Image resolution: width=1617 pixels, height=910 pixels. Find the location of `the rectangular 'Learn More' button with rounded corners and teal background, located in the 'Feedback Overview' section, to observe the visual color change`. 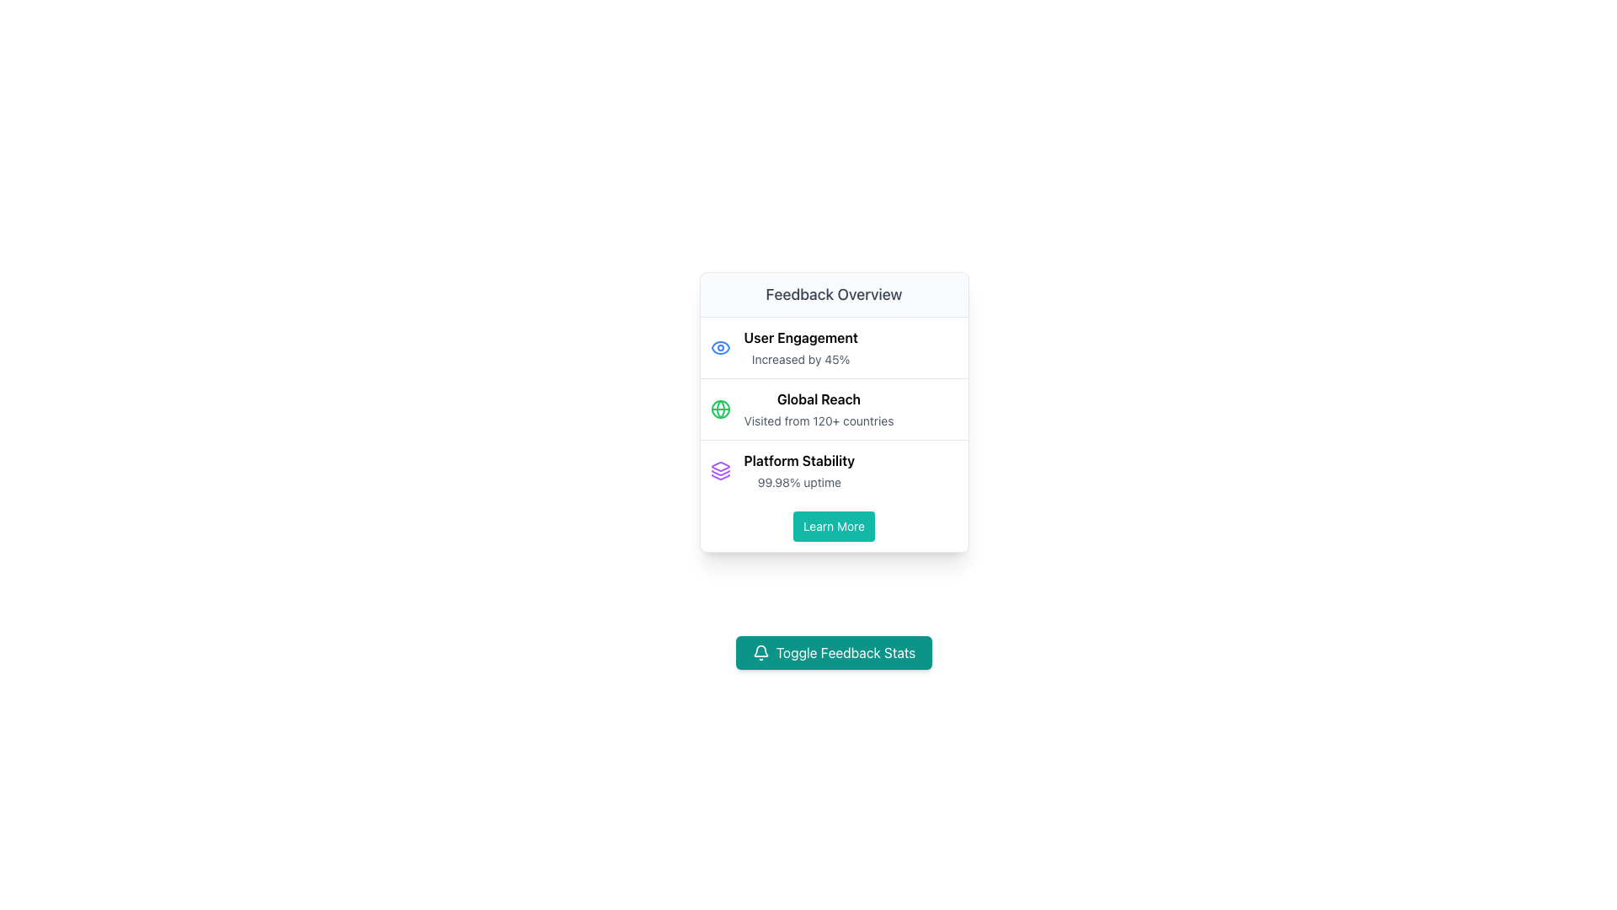

the rectangular 'Learn More' button with rounded corners and teal background, located in the 'Feedback Overview' section, to observe the visual color change is located at coordinates (834, 525).